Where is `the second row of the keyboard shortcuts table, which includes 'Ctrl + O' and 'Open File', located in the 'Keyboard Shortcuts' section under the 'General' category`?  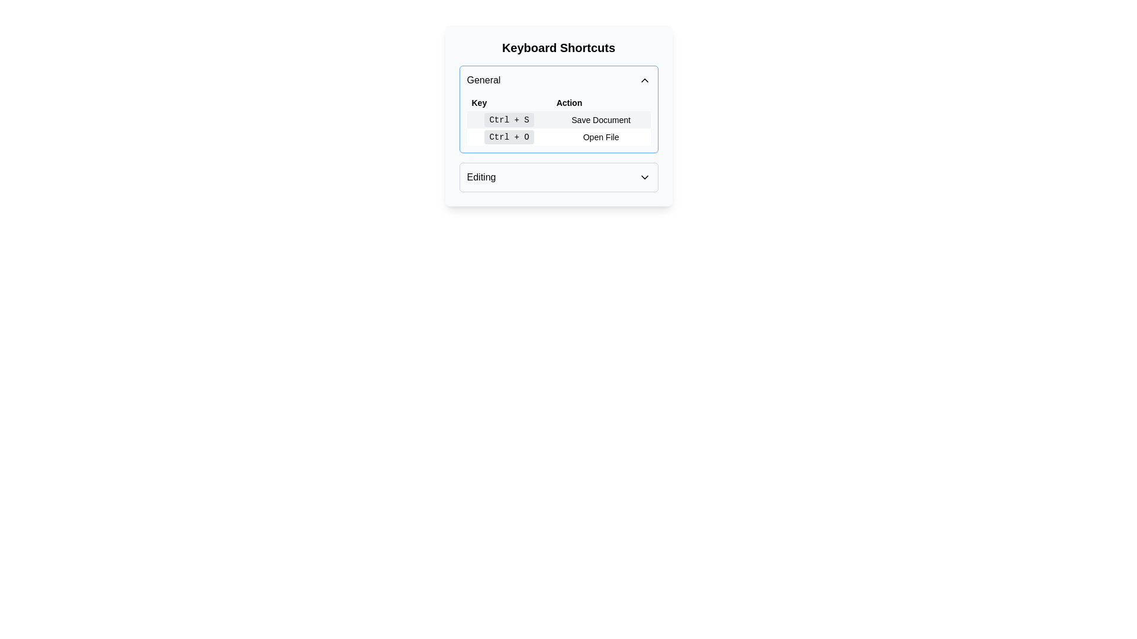
the second row of the keyboard shortcuts table, which includes 'Ctrl + O' and 'Open File', located in the 'Keyboard Shortcuts' section under the 'General' category is located at coordinates (558, 128).